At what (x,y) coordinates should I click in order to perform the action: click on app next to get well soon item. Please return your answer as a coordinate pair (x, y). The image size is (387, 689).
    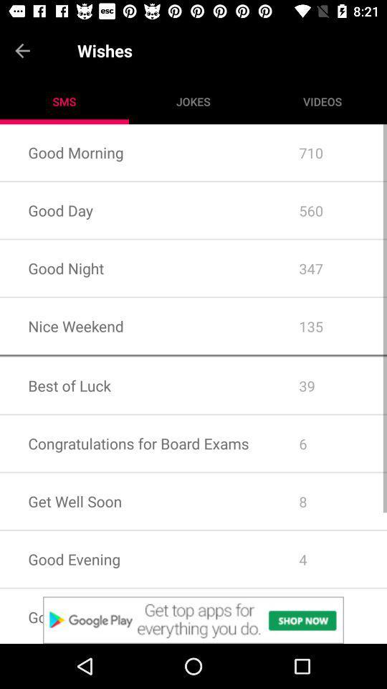
    Looking at the image, I should click on (329, 558).